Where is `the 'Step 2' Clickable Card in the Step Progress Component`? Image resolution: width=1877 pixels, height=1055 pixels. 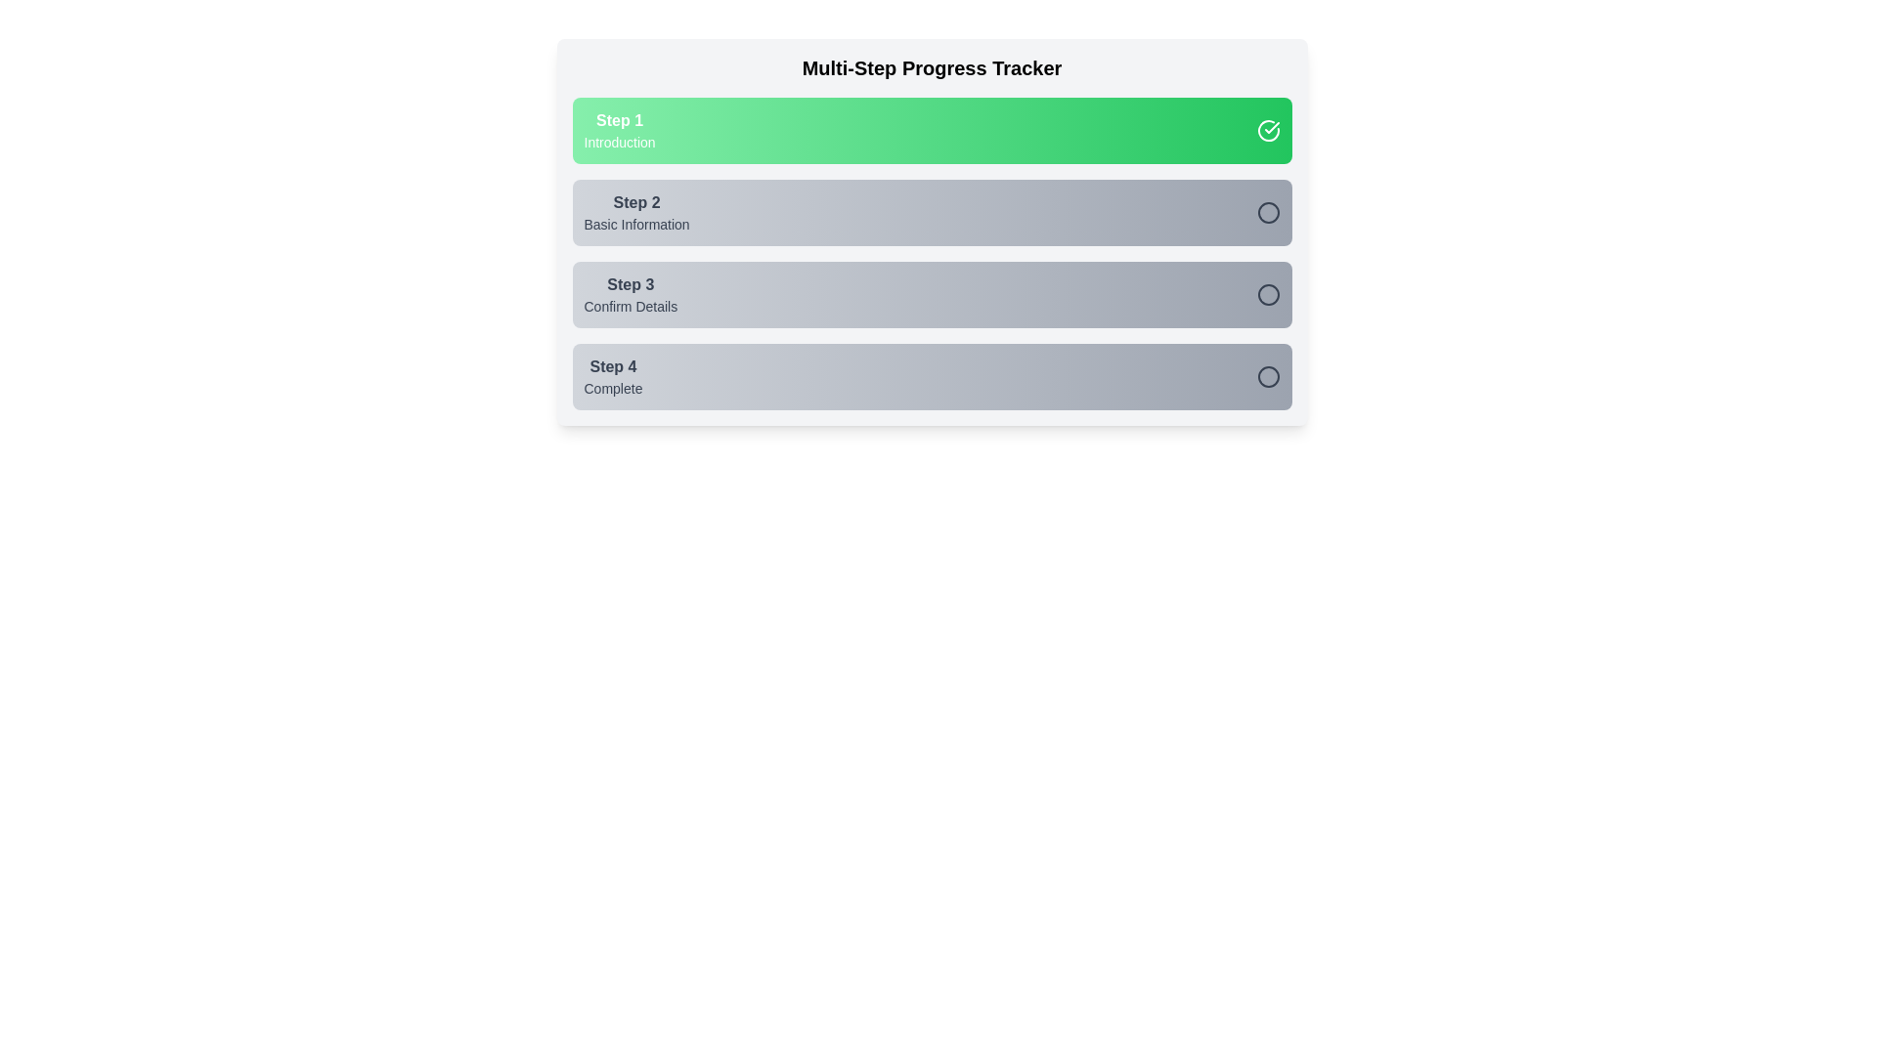
the 'Step 2' Clickable Card in the Step Progress Component is located at coordinates (931, 213).